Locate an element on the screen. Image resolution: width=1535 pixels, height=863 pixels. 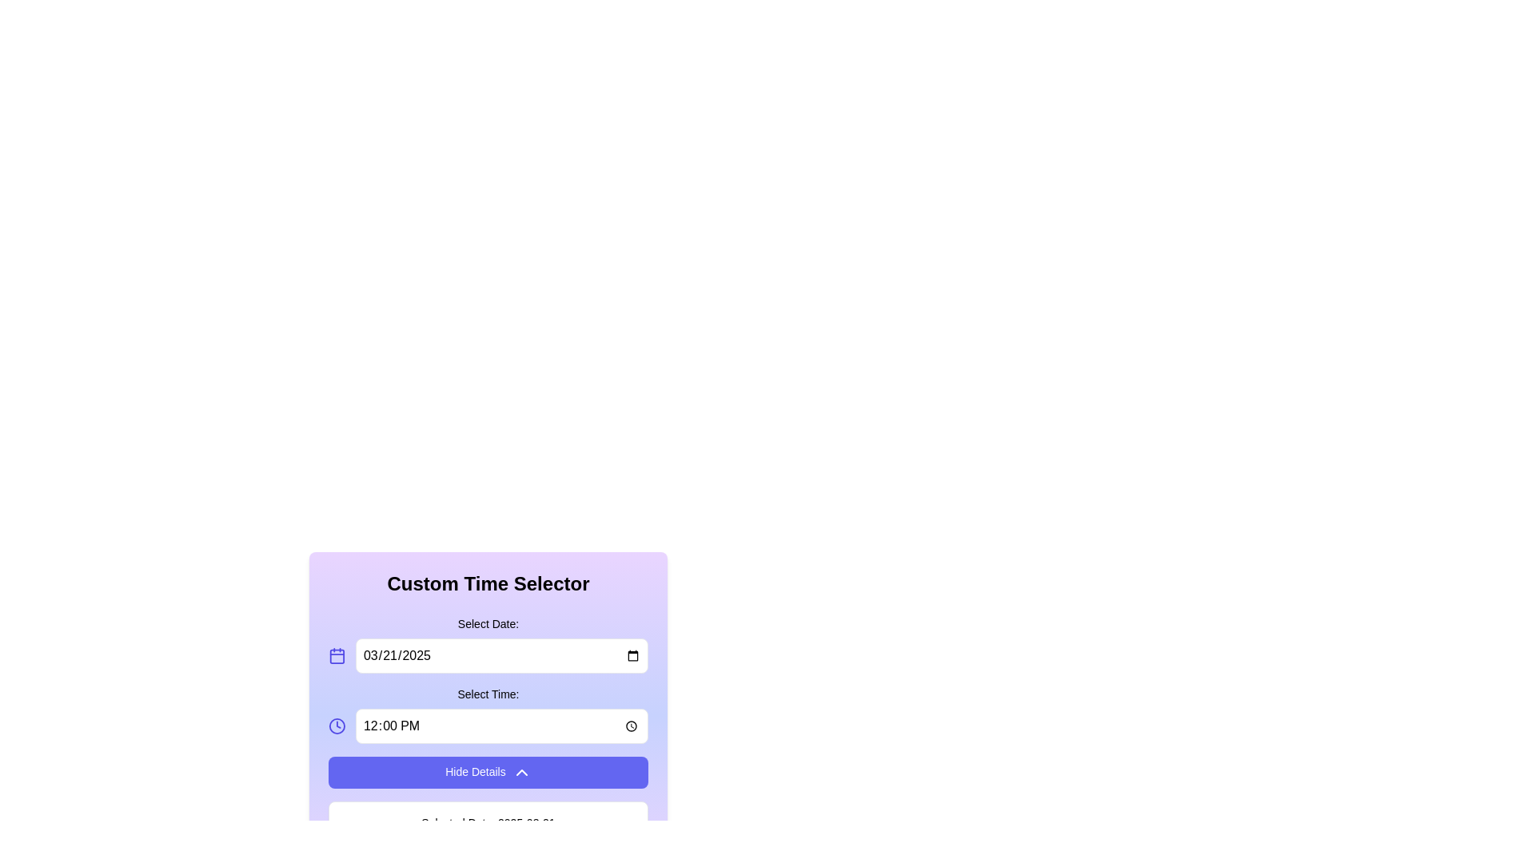
the state of the collapse icon located above the 'Hide Details' button at the bottom of the modal interface is located at coordinates (521, 772).